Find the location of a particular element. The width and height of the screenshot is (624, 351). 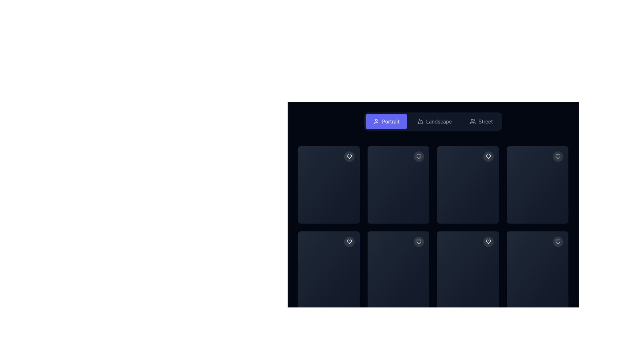

the favorite button represented by a heart icon, located in the bottom row of a grid, specifically the fourth element in its column is located at coordinates (488, 241).